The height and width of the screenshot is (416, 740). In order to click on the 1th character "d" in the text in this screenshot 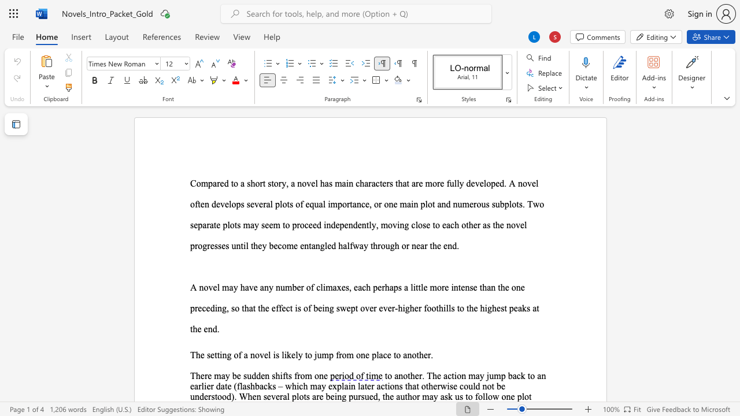, I will do `click(253, 376)`.